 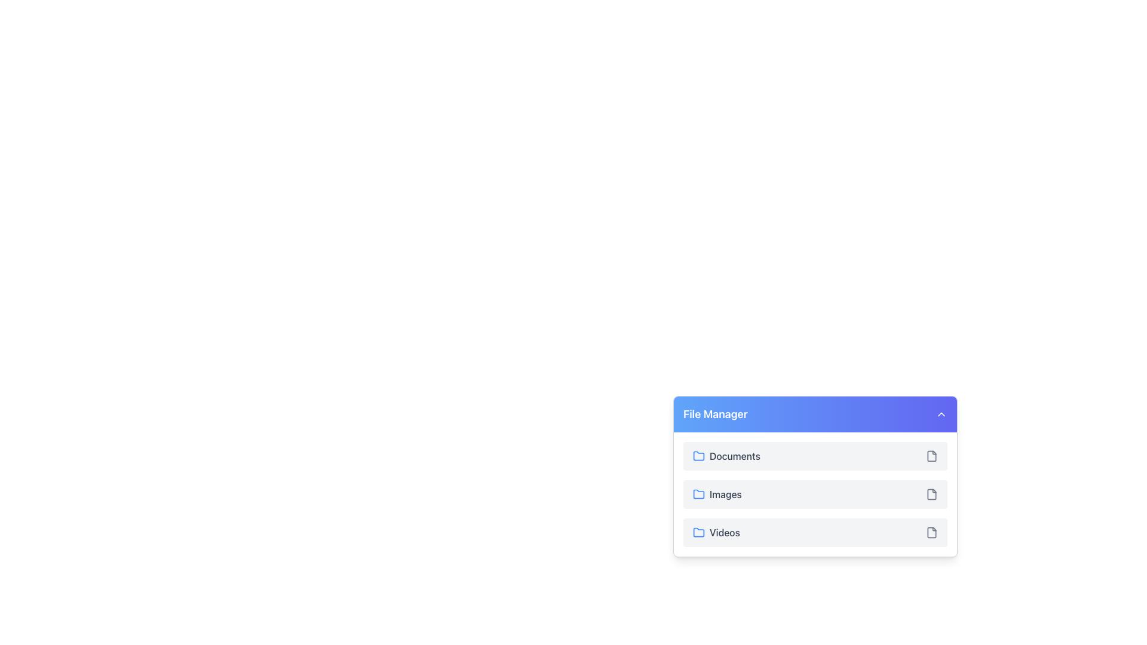 I want to click on the small gray document icon located to the right of the 'Documents' label in the 'File Manager' section, so click(x=931, y=456).